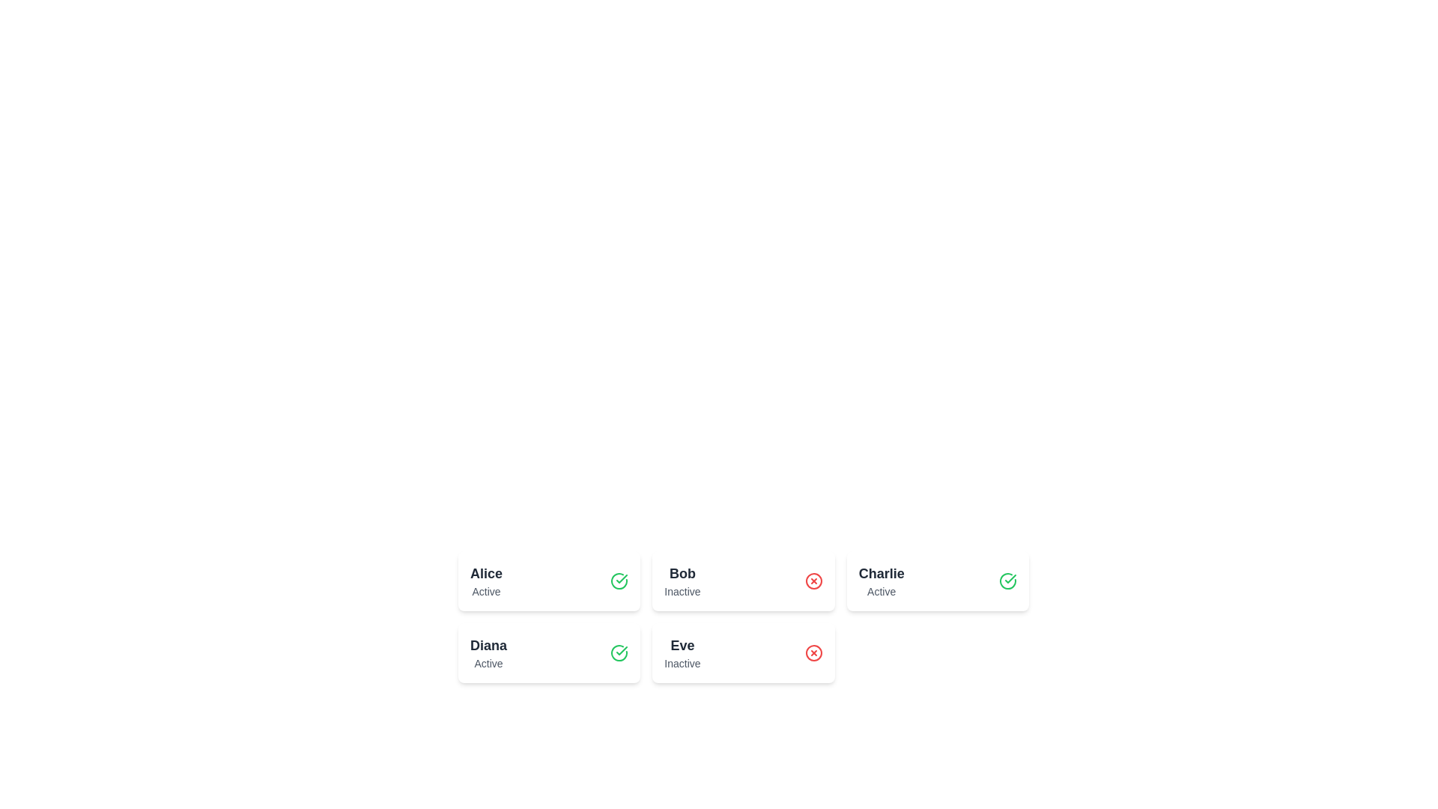 Image resolution: width=1438 pixels, height=809 pixels. I want to click on the text label displaying 'Diana', which is located in the second box of a horizontally-aligned grid of user cards, positioned above the word 'Active', so click(488, 644).